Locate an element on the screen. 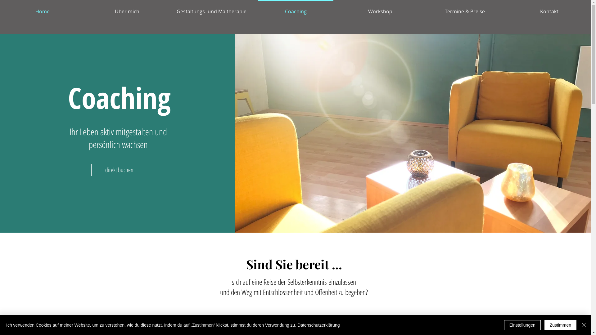 The image size is (596, 335). 'Einstellungen' is located at coordinates (522, 325).